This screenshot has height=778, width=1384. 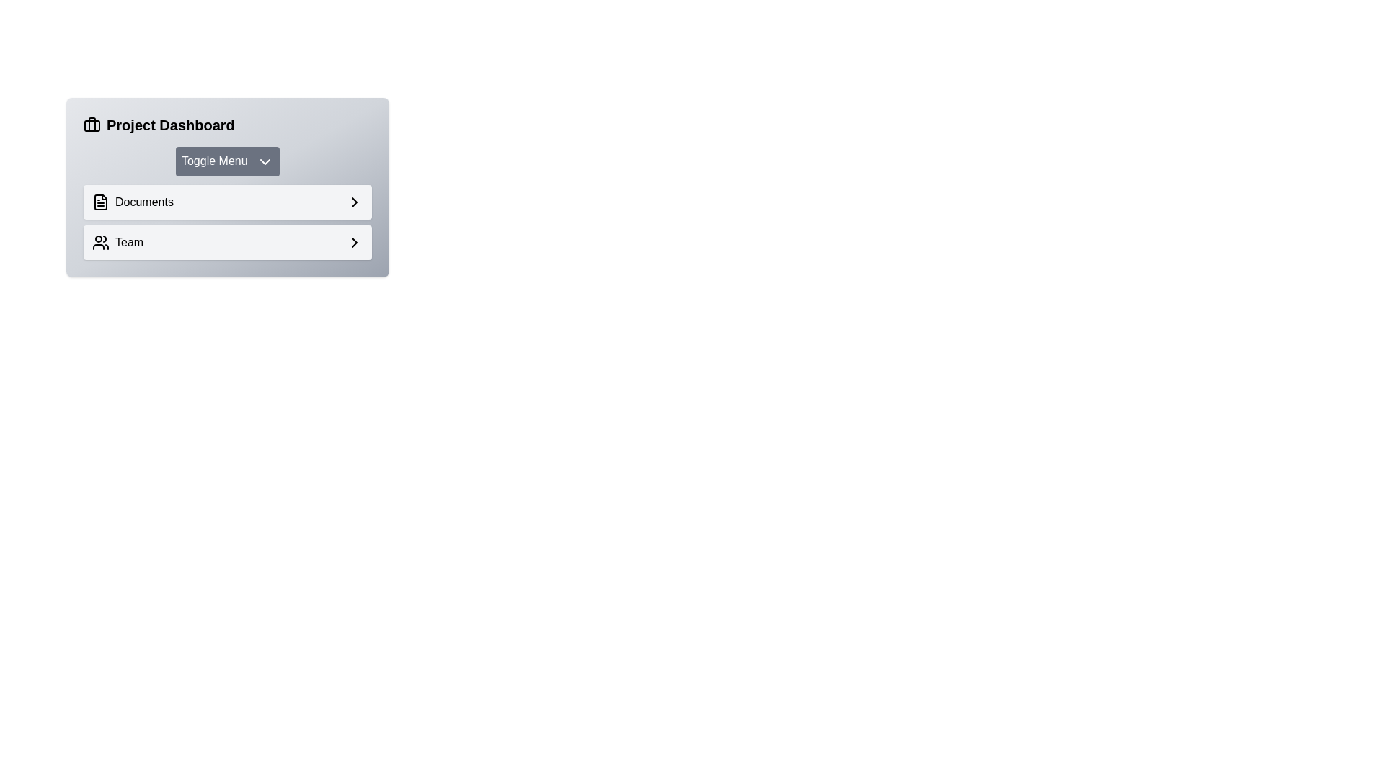 What do you see at coordinates (227, 241) in the screenshot?
I see `the 'Team' button, which is a light gray rectangular button with rounded corners and a shadow effect, located below the 'Documents' entry in the menu` at bounding box center [227, 241].